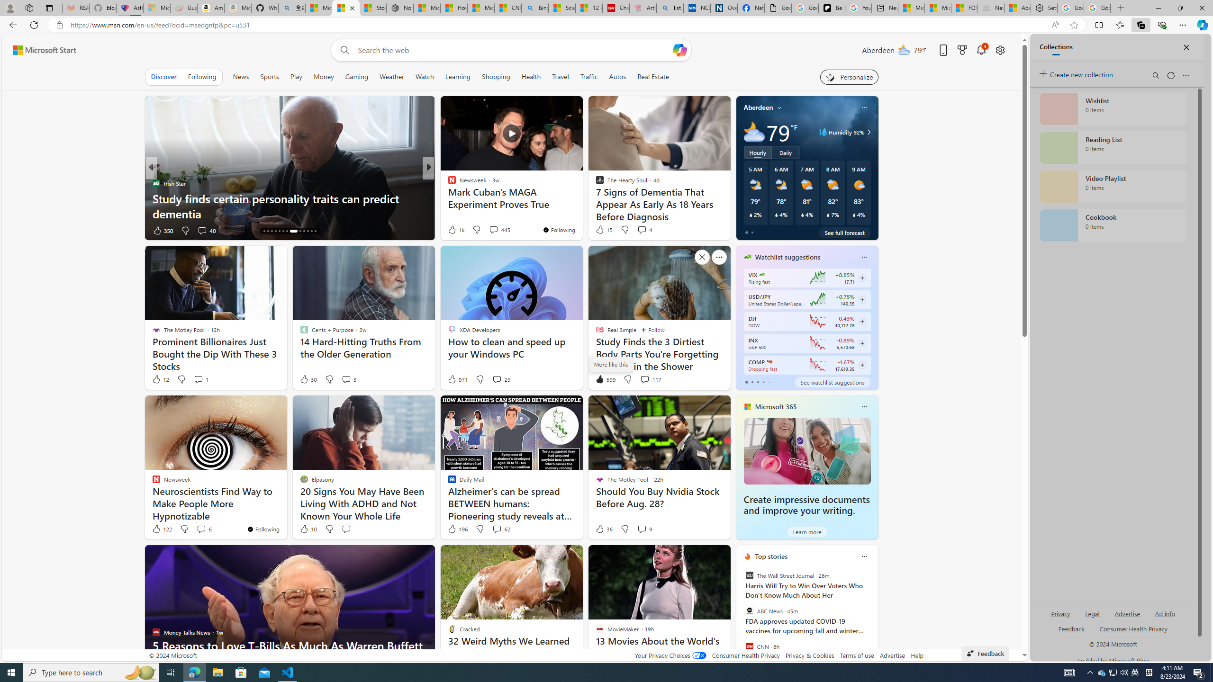 The width and height of the screenshot is (1213, 682). What do you see at coordinates (161, 528) in the screenshot?
I see `'122 Like'` at bounding box center [161, 528].